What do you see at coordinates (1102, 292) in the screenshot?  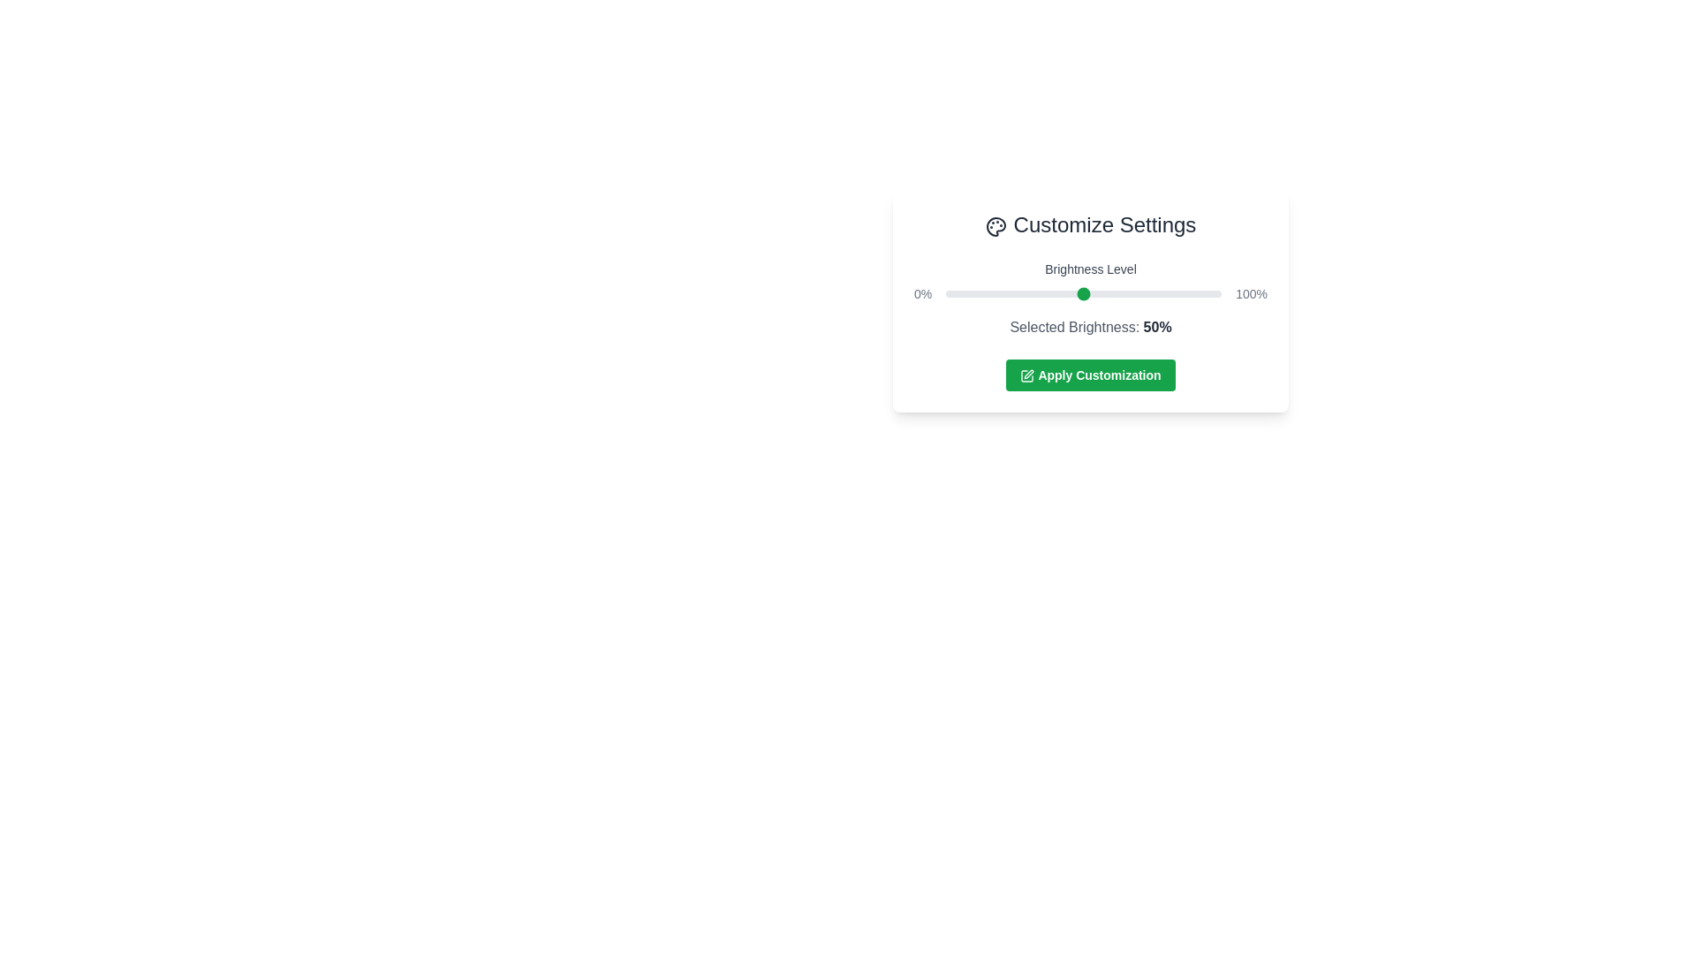 I see `the brightness` at bounding box center [1102, 292].